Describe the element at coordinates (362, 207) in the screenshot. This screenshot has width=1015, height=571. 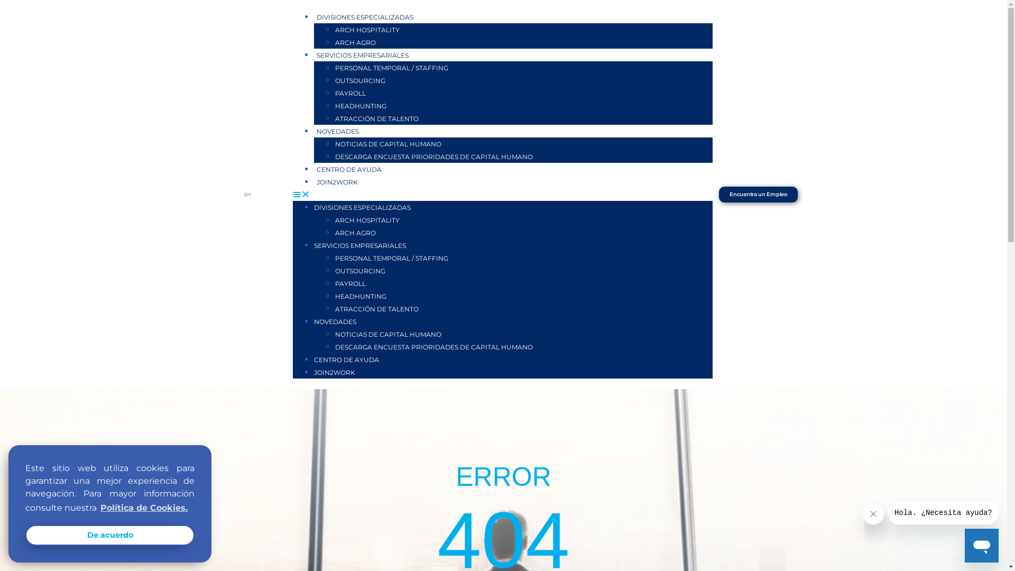
I see `'DIVISIONES ESPECIALIZADAS'` at that location.